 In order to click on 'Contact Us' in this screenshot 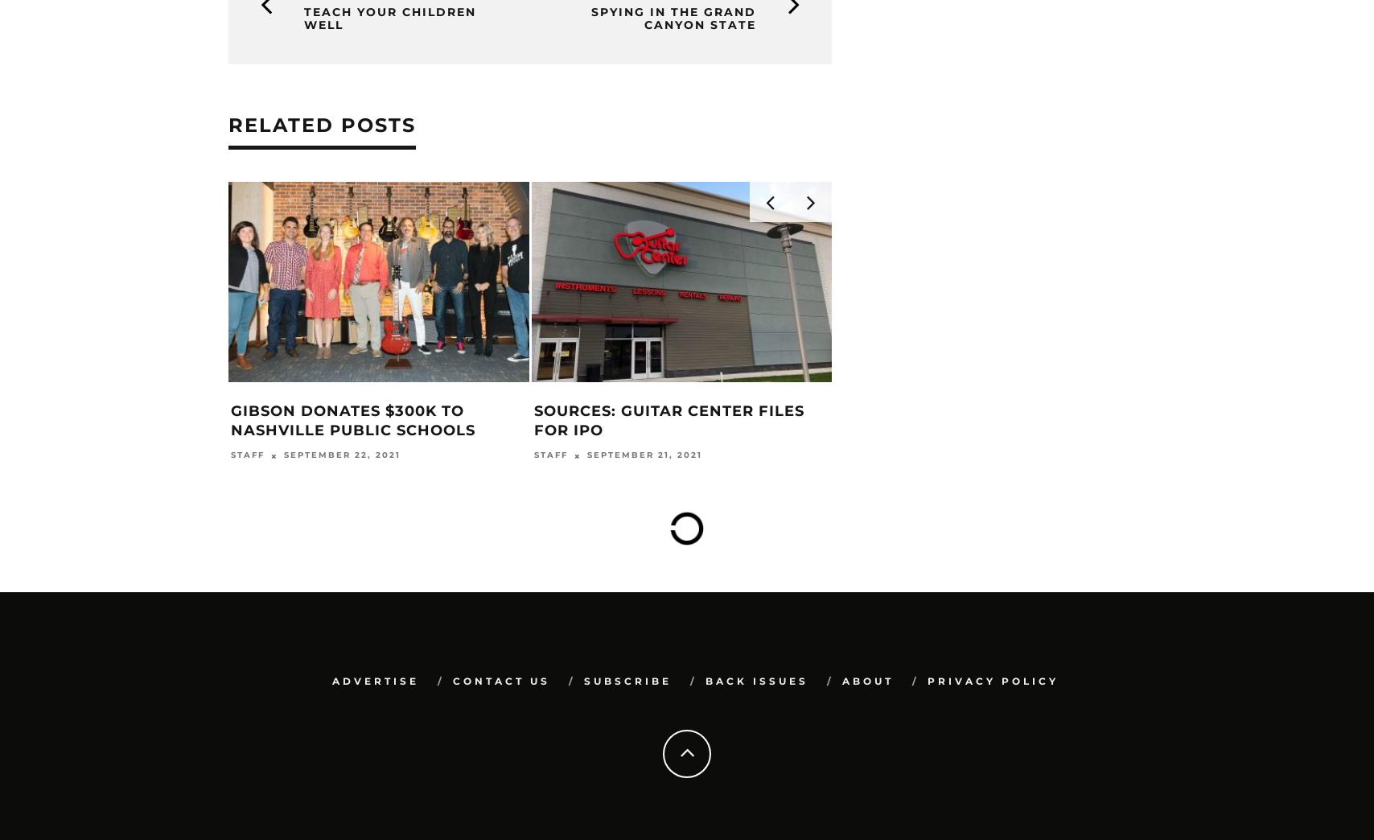, I will do `click(500, 679)`.